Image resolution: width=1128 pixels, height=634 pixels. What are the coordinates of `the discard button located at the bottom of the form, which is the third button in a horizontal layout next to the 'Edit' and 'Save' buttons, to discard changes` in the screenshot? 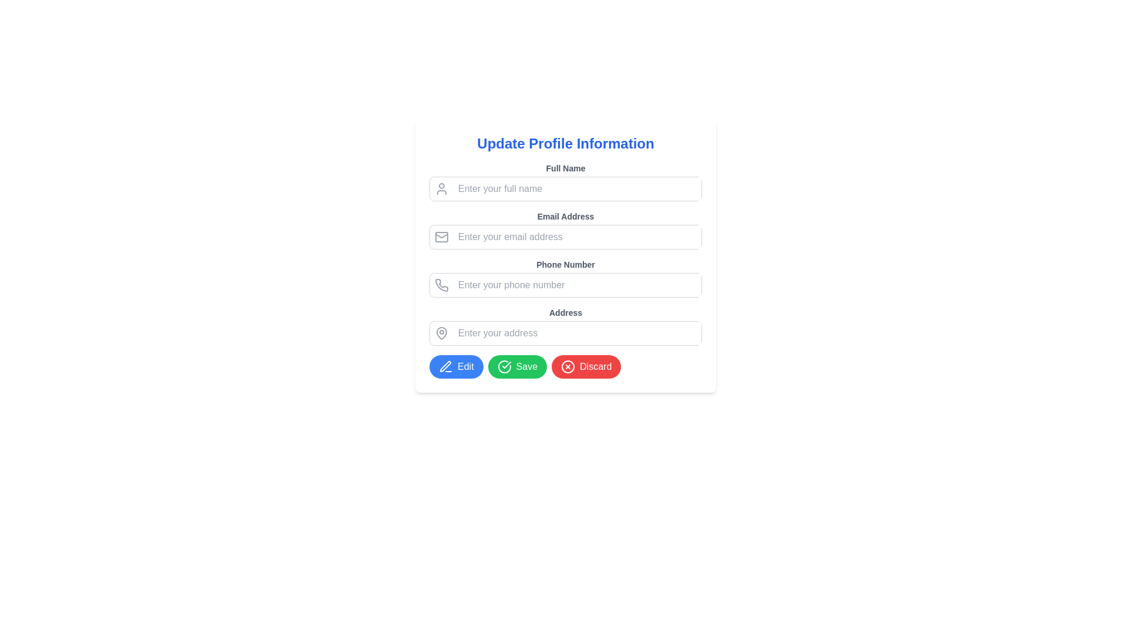 It's located at (586, 366).